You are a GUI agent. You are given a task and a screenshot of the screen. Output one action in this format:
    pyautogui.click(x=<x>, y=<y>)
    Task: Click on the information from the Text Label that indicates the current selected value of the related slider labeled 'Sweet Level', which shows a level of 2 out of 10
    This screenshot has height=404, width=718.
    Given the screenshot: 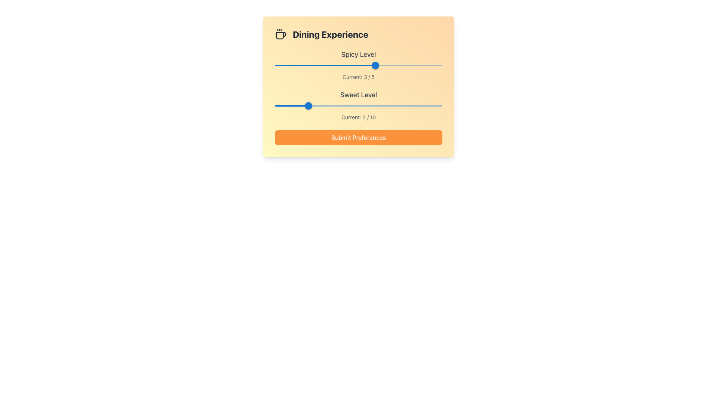 What is the action you would take?
    pyautogui.click(x=358, y=117)
    